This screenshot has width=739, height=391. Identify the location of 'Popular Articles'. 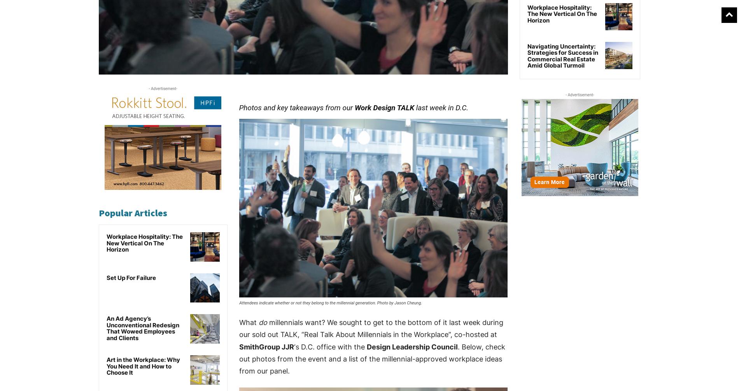
(133, 212).